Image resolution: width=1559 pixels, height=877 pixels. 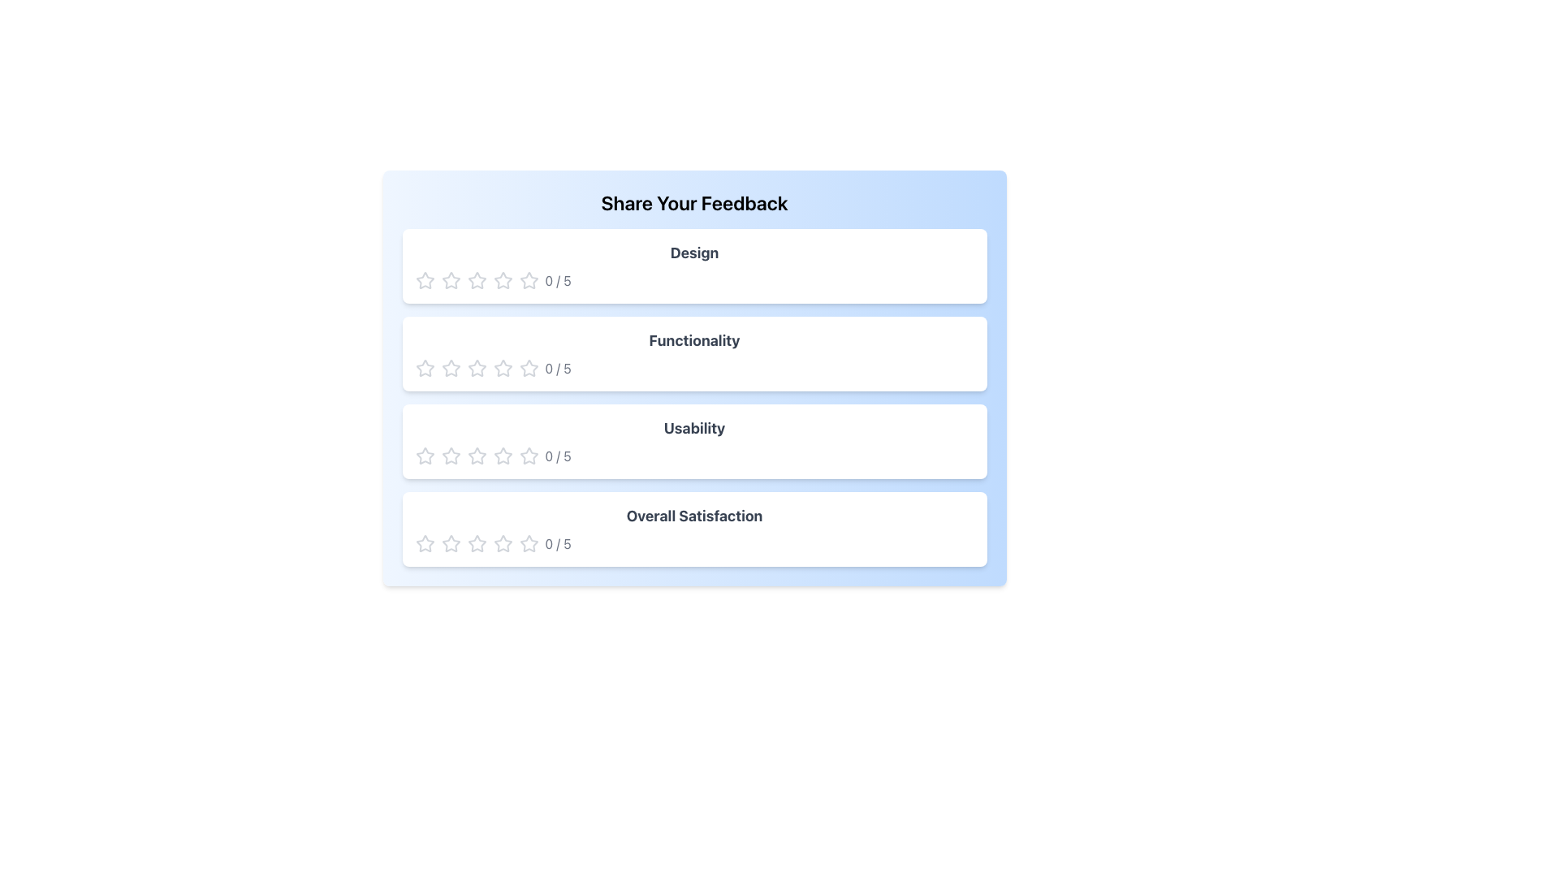 What do you see at coordinates (476, 279) in the screenshot?
I see `the second star icon in the 'Design' rating section of the 'Share Your Feedback' interface to rate it` at bounding box center [476, 279].